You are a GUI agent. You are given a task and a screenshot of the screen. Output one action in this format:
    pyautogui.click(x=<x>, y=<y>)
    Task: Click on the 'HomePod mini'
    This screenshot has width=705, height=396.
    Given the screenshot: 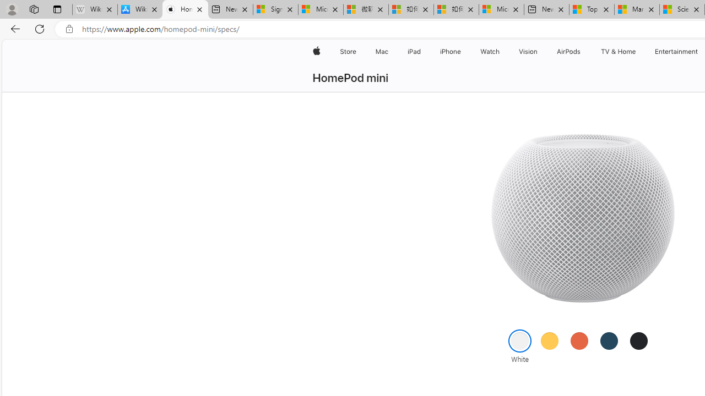 What is the action you would take?
    pyautogui.click(x=350, y=78)
    